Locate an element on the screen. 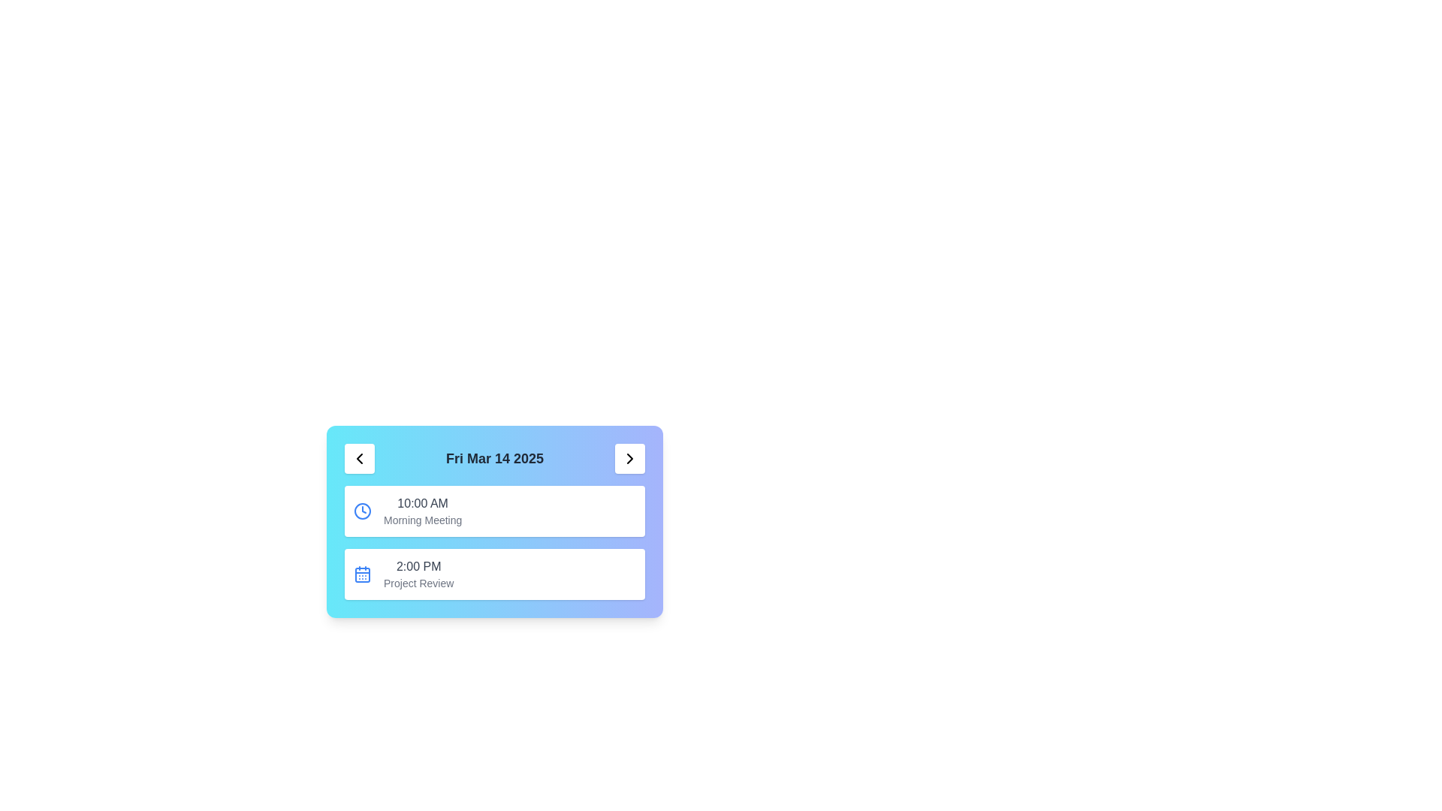 This screenshot has height=811, width=1442. the right-pointing chevron icon button located at the top-right corner of the date-display card showing 'Fri Mar 14 2025' is located at coordinates (630, 457).